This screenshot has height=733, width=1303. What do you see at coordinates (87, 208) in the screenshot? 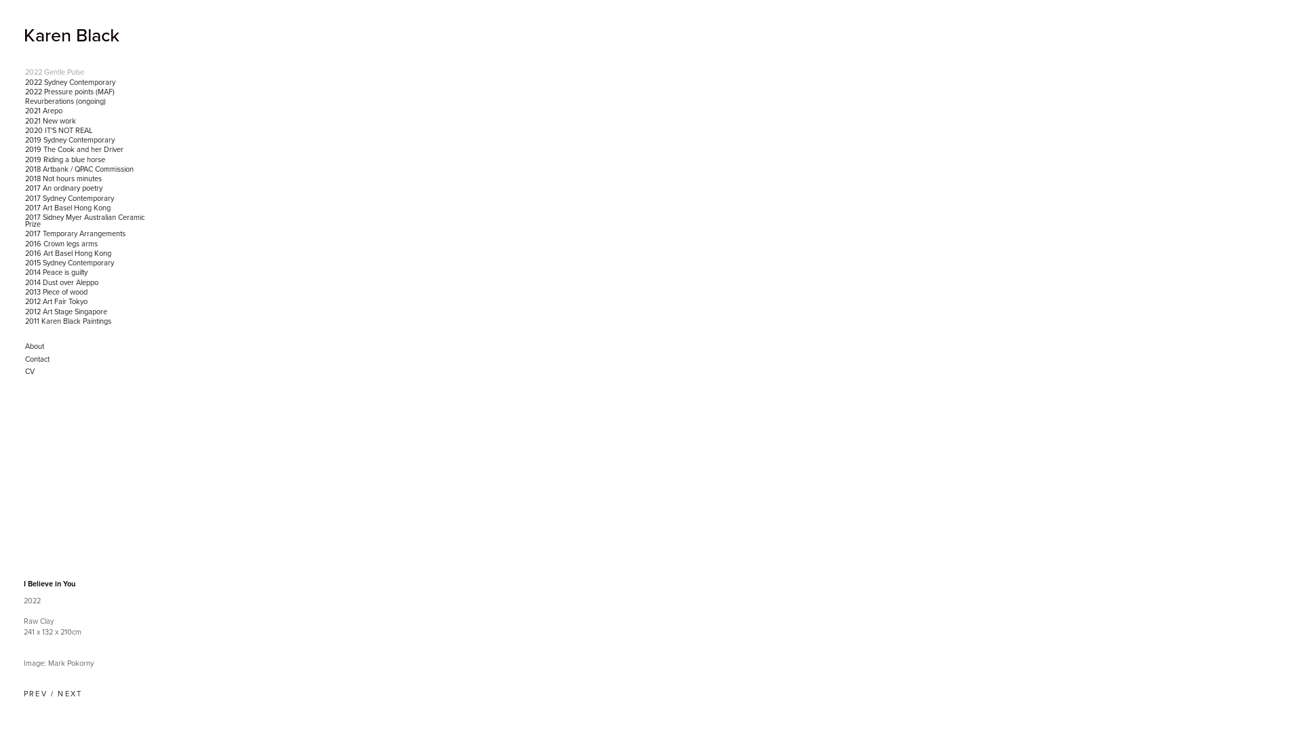
I see `'2017 Art Basel Hong Kong'` at bounding box center [87, 208].